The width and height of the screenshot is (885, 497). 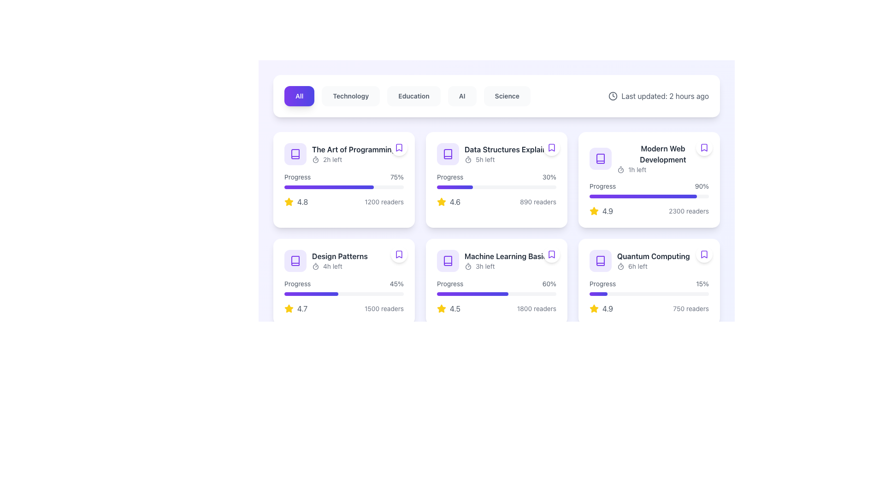 I want to click on the static informational text displaying the number of readers associated with the item, located at the bottom-right of the 'Design Patterns' card, so click(x=384, y=309).